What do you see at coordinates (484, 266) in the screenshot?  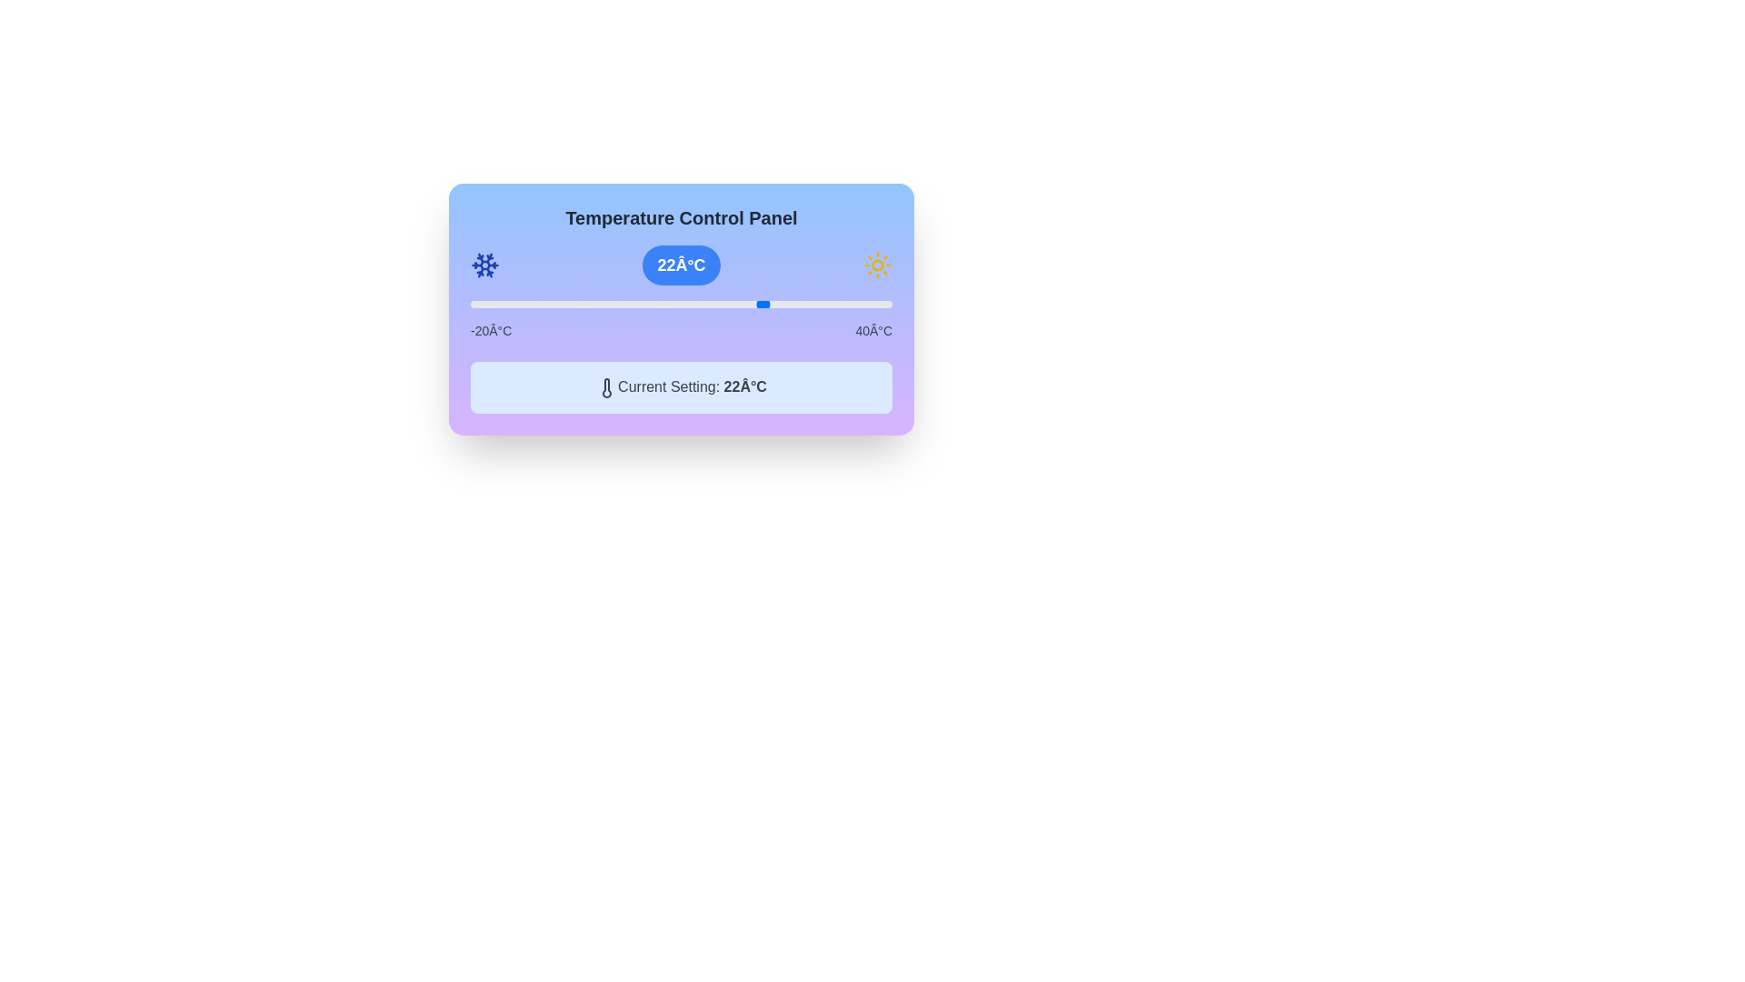 I see `the snowflake icon to provide feedback` at bounding box center [484, 266].